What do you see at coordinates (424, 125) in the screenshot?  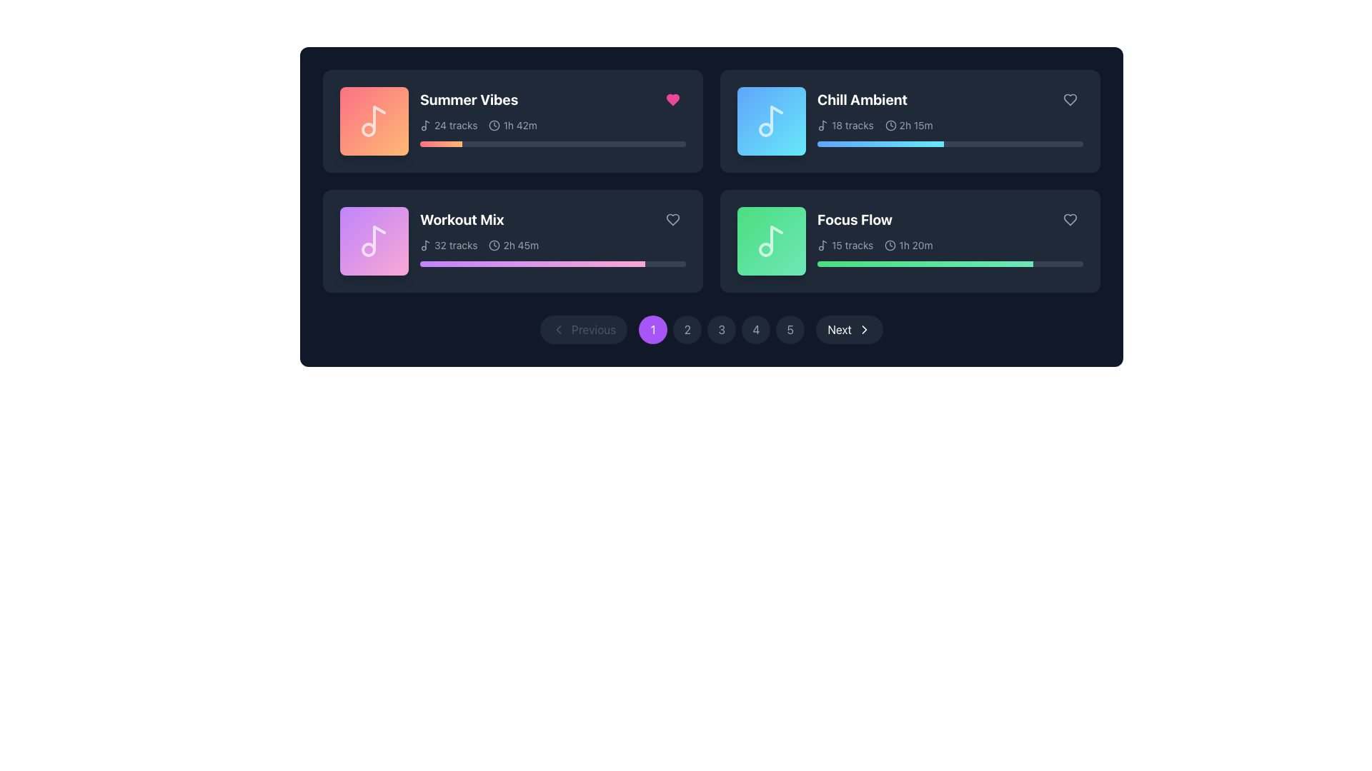 I see `the music icon located on the top-left card in the grid layout, positioned to the left of the text '24 tracks' and above the runtime text` at bounding box center [424, 125].